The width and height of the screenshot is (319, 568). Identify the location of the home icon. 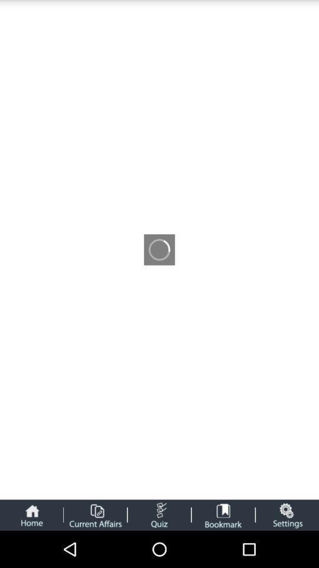
(31, 551).